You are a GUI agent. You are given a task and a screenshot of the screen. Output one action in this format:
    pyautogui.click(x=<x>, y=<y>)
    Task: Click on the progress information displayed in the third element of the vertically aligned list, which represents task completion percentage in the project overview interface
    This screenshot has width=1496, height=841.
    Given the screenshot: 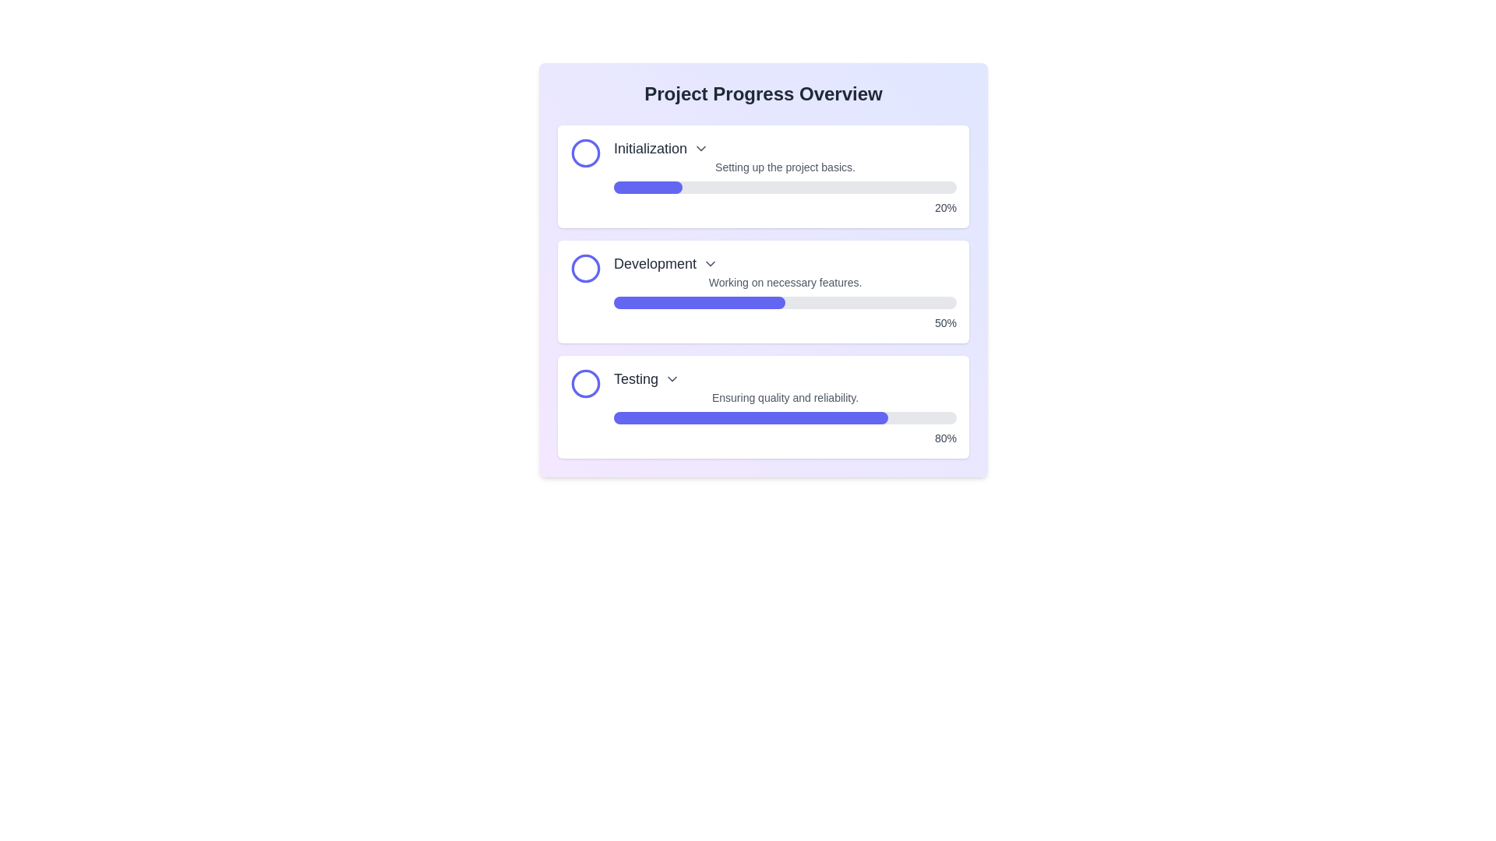 What is the action you would take?
    pyautogui.click(x=763, y=406)
    